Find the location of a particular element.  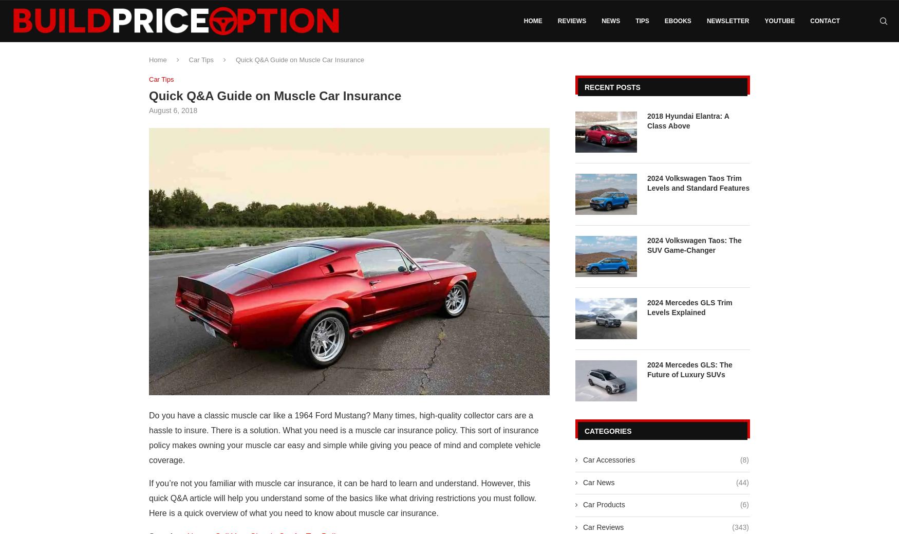

'Car News' is located at coordinates (583, 482).